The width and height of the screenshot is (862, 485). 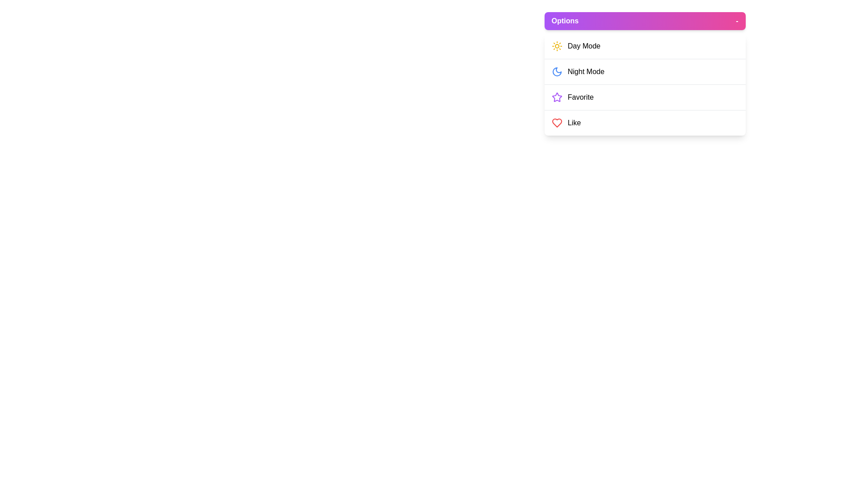 What do you see at coordinates (644, 46) in the screenshot?
I see `the menu option Day Mode from the ApplicationMenu` at bounding box center [644, 46].